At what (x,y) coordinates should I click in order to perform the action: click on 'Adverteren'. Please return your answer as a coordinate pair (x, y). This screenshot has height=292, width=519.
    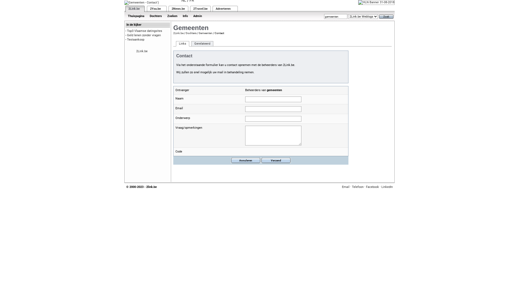
    Looking at the image, I should click on (223, 9).